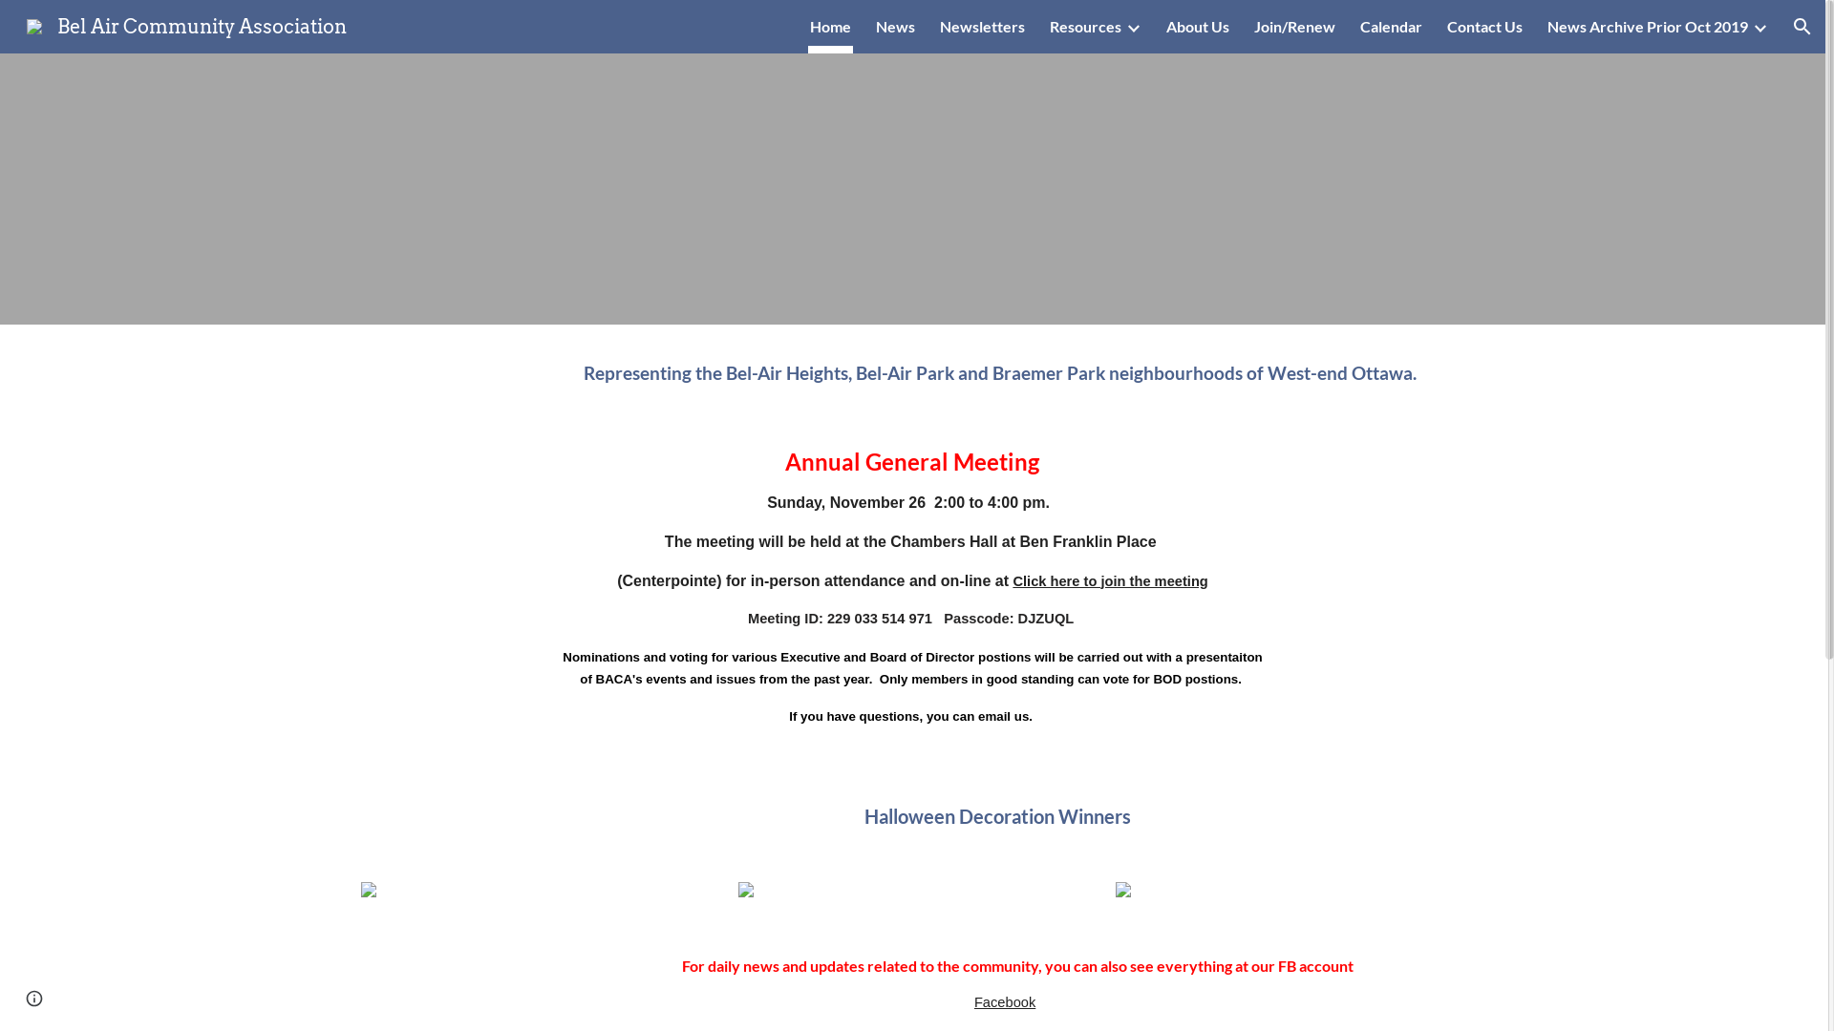  What do you see at coordinates (894, 26) in the screenshot?
I see `'News'` at bounding box center [894, 26].